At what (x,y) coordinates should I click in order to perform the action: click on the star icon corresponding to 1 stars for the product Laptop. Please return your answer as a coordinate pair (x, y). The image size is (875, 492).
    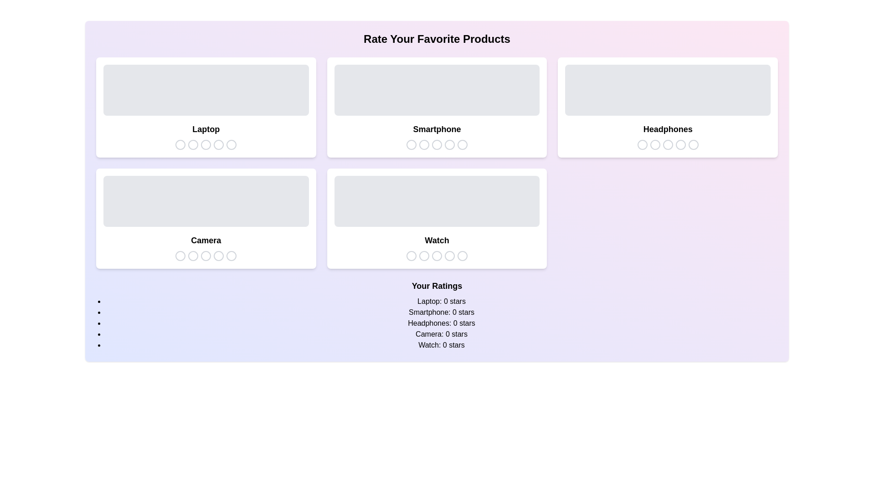
    Looking at the image, I should click on (180, 144).